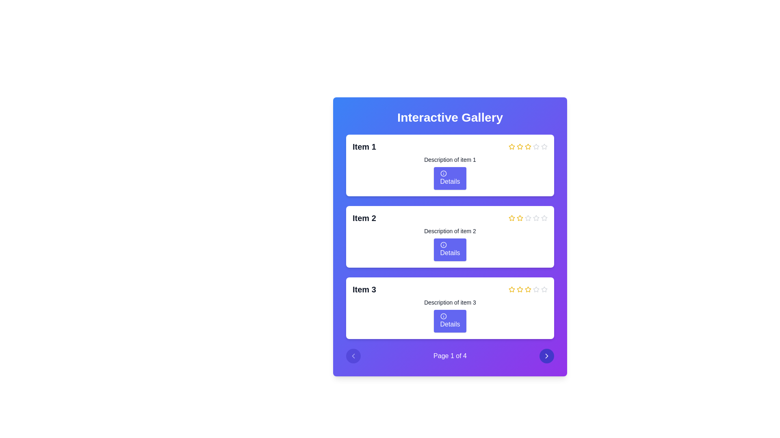 This screenshot has height=438, width=780. Describe the element at coordinates (511, 289) in the screenshot. I see `the first star icon in the rating sequence on the right side of the card labeled 'Item 3' to set a rating` at that location.